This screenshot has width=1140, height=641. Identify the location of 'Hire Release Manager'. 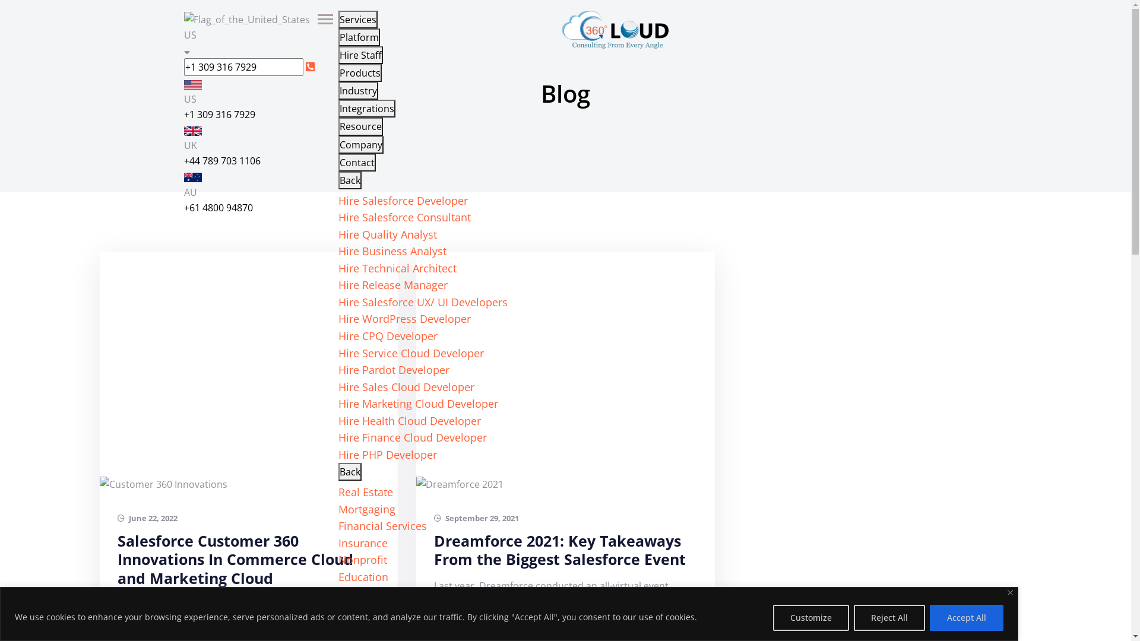
(393, 284).